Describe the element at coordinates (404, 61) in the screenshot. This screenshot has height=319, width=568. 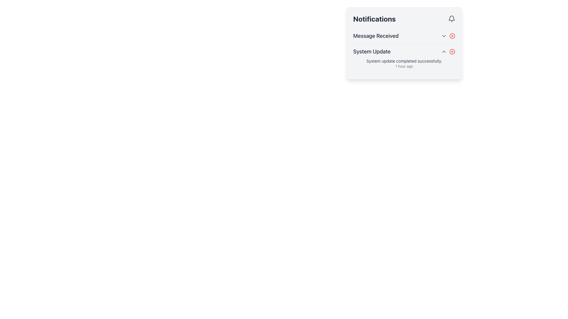
I see `the text display element that shows 'System update completed successfully.' located in the 'System Update' section of the 'Notifications' card` at that location.